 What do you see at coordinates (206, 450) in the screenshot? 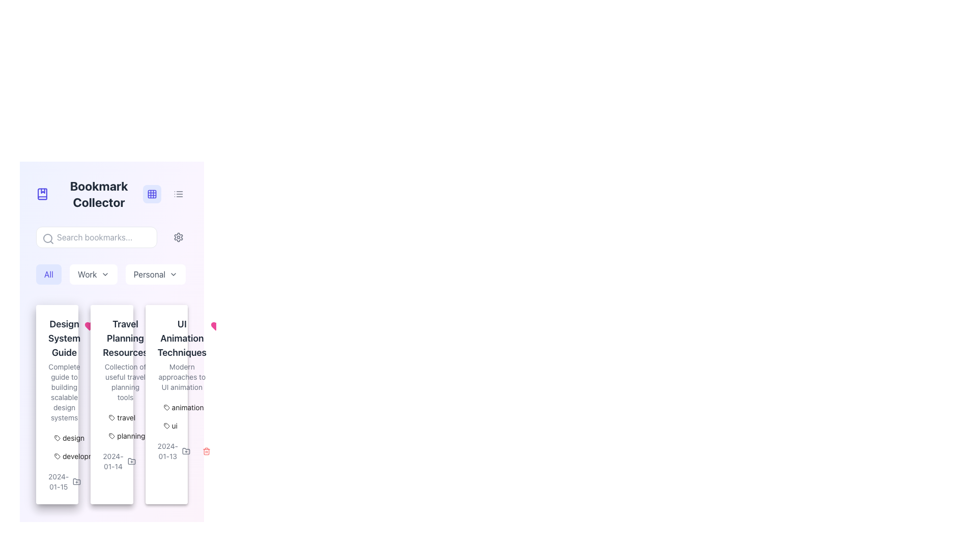
I see `the trash can icon located at the bottom right of the UI Animation Techniques card to invoke the delete action` at bounding box center [206, 450].